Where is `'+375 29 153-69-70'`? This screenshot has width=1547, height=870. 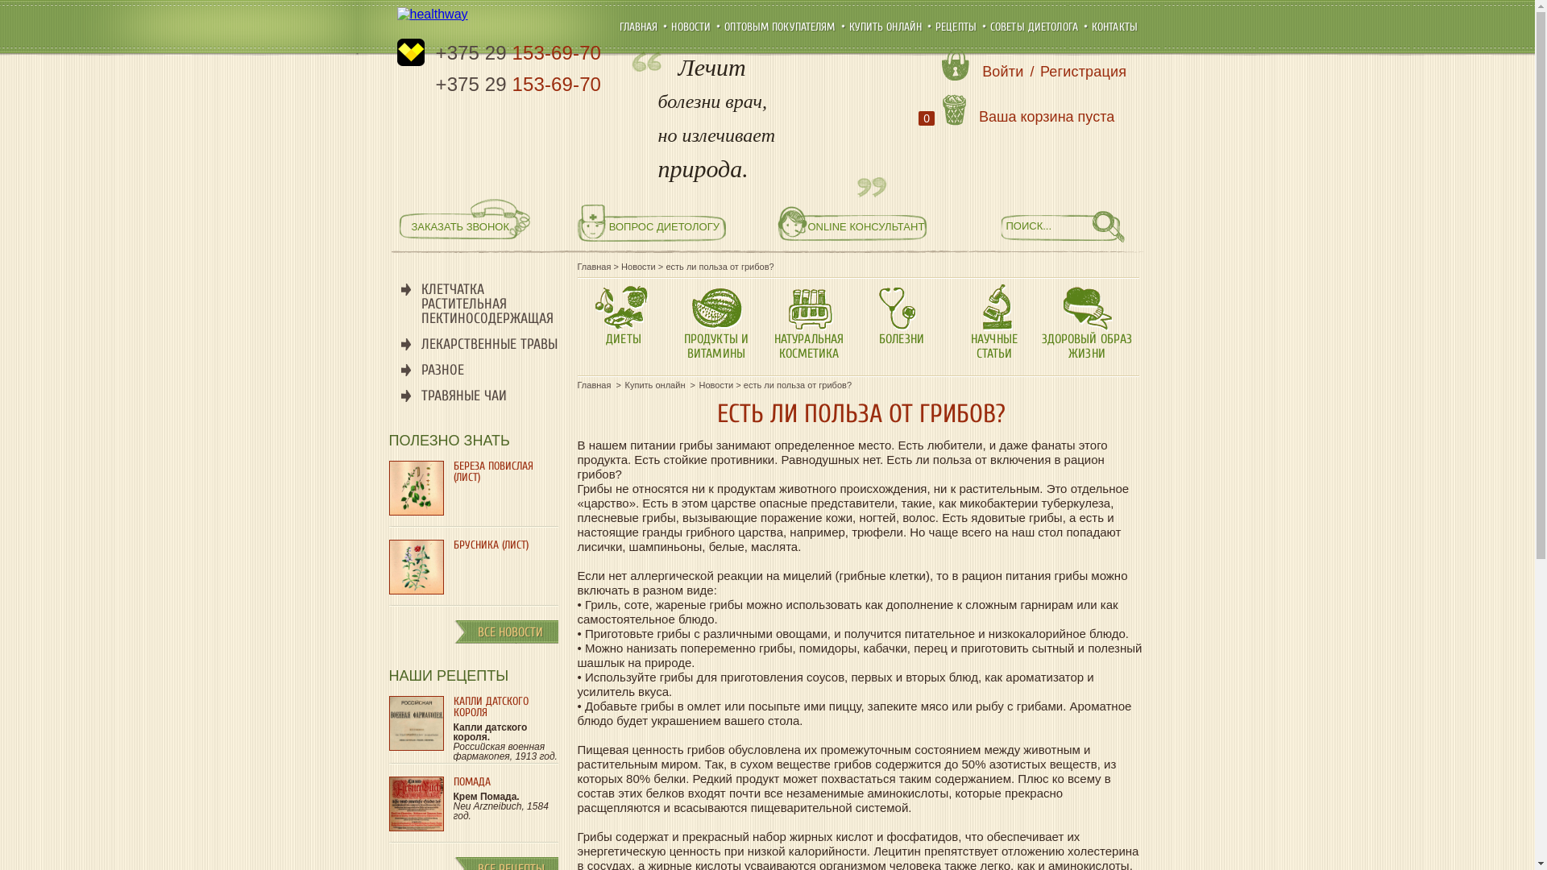
'+375 29 153-69-70' is located at coordinates (518, 52).